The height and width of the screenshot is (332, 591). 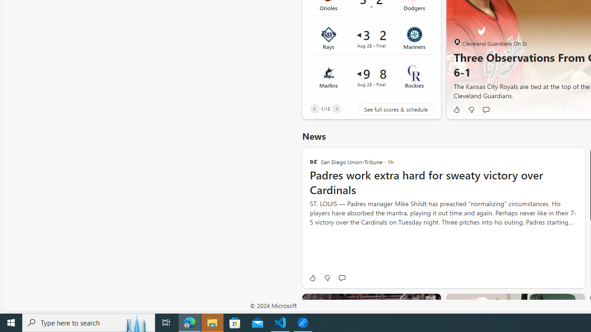 I want to click on 'Rays 3 vs Mariners 2Final Date Aug 28', so click(x=371, y=38).